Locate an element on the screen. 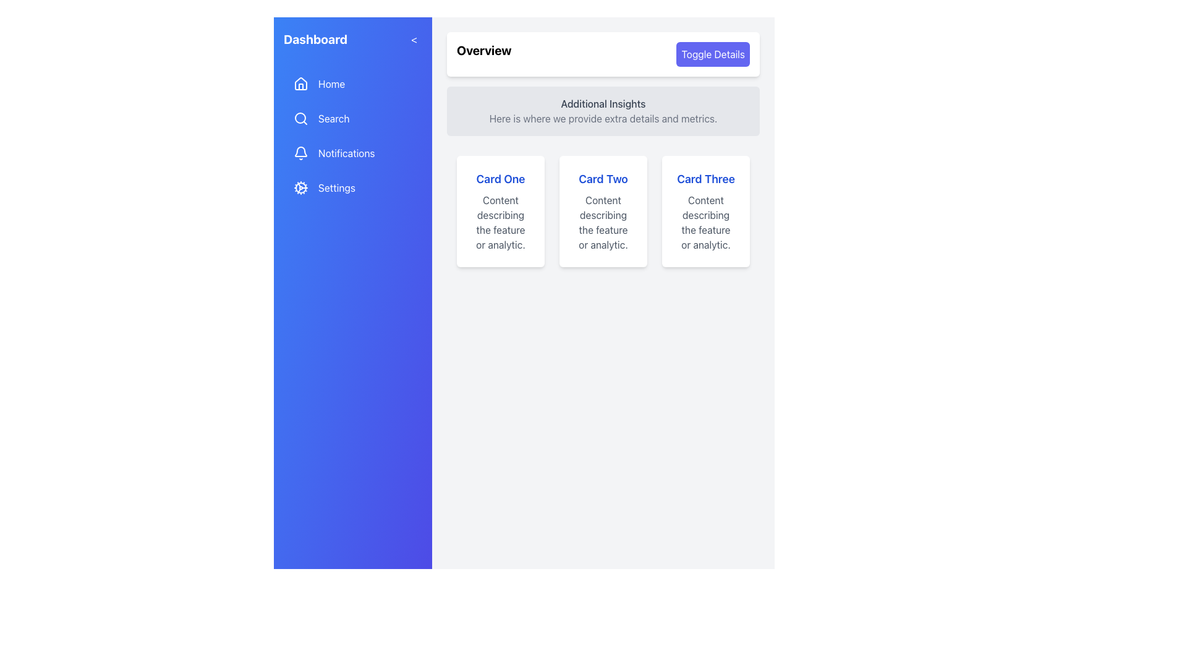  the Text Block element that is styled in gray font and located below the bold blue title 'Card Two' in the center-right card layout is located at coordinates (603, 221).